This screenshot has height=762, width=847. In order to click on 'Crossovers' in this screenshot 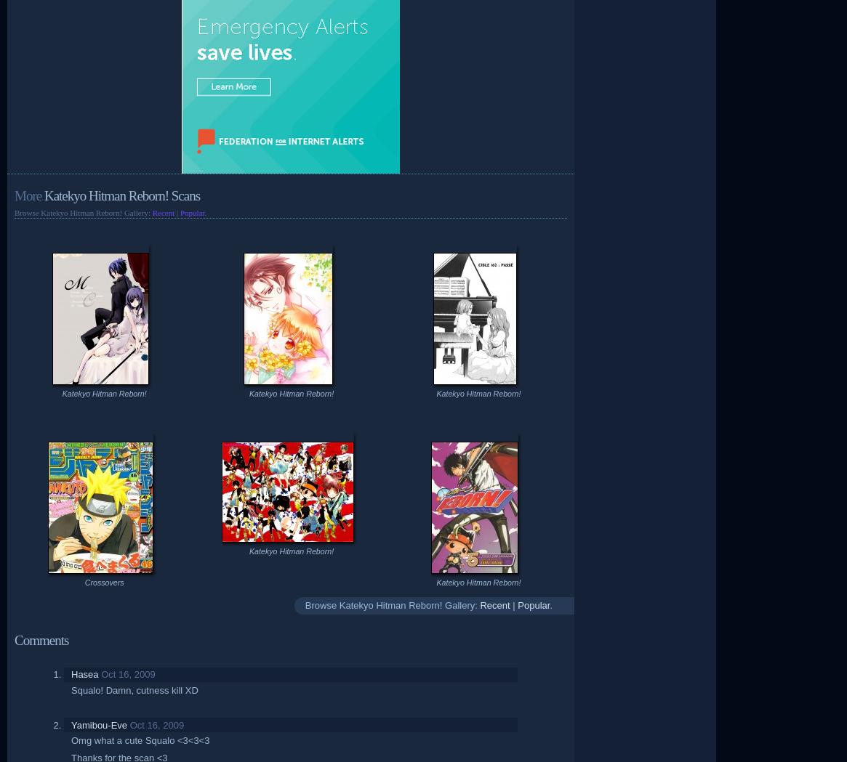, I will do `click(84, 582)`.